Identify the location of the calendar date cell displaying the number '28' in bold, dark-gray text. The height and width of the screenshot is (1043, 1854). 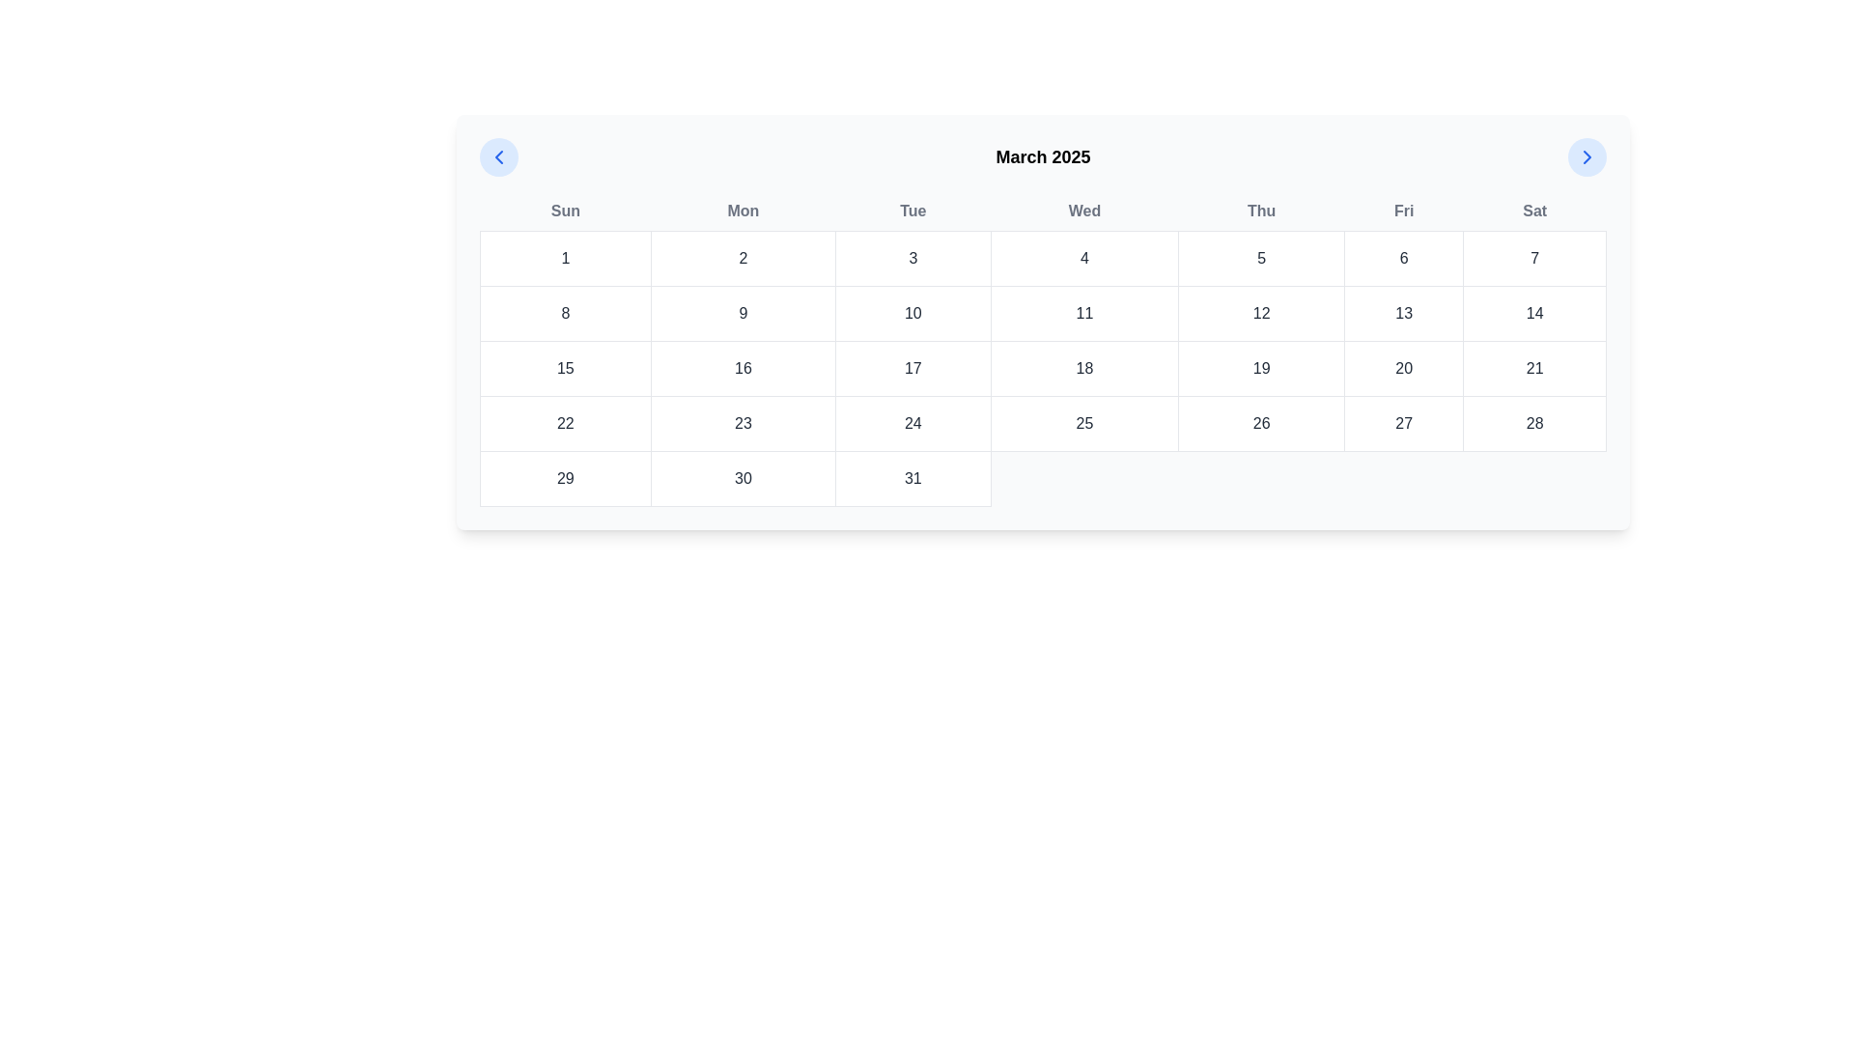
(1533, 423).